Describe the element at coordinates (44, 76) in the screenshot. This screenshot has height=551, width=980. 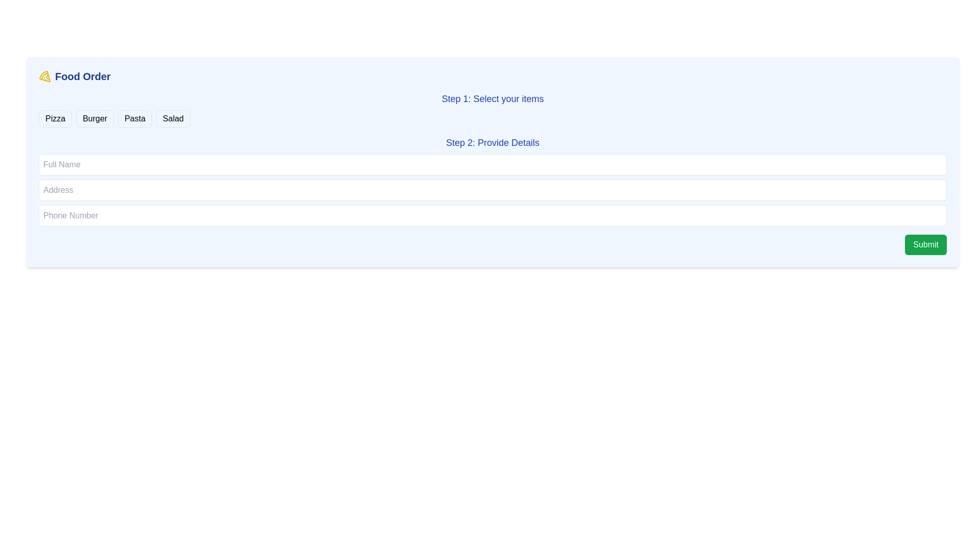
I see `the pizza slice icon located to the left of the 'Food Order' title in the header` at that location.